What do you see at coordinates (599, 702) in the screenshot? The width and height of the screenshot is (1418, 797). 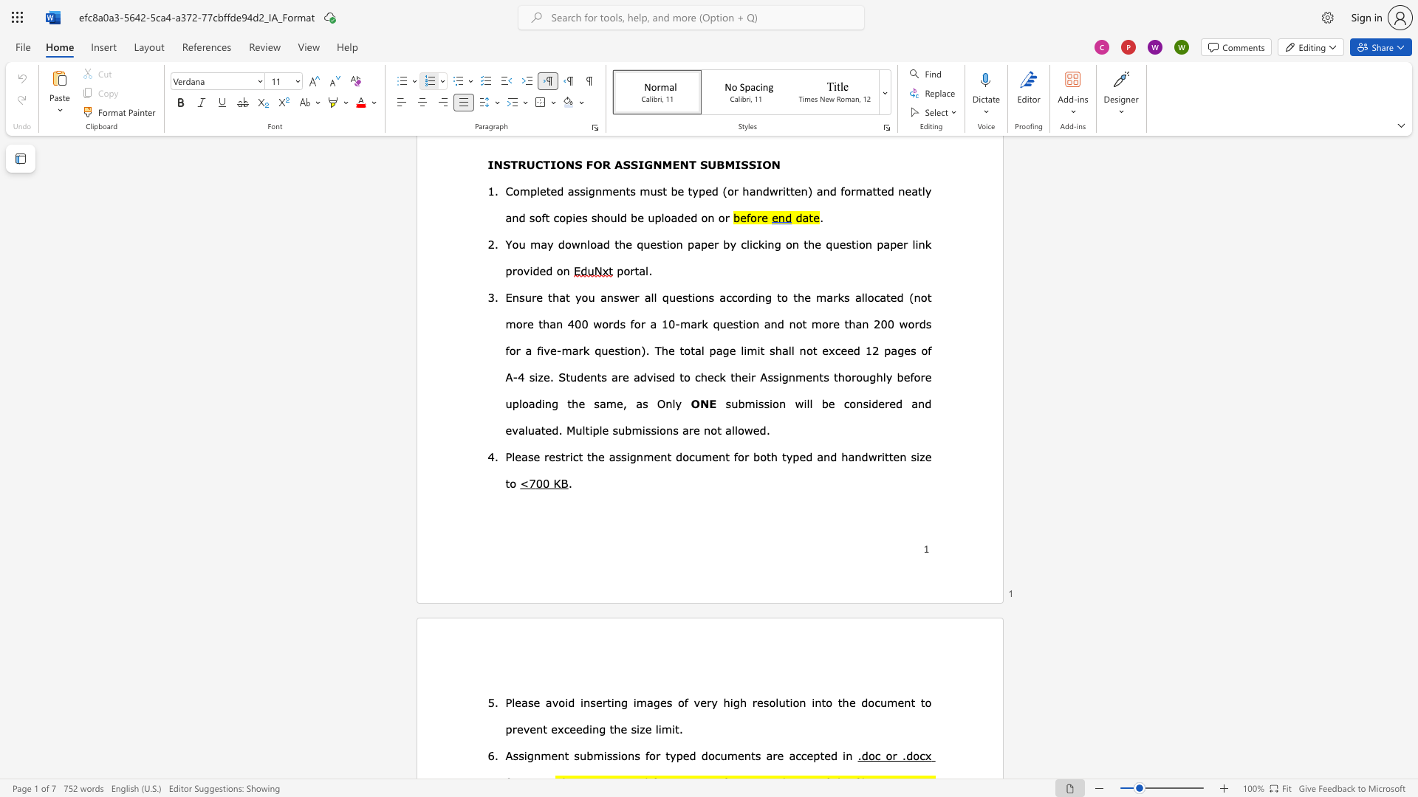 I see `the 3th character "e" in the text` at bounding box center [599, 702].